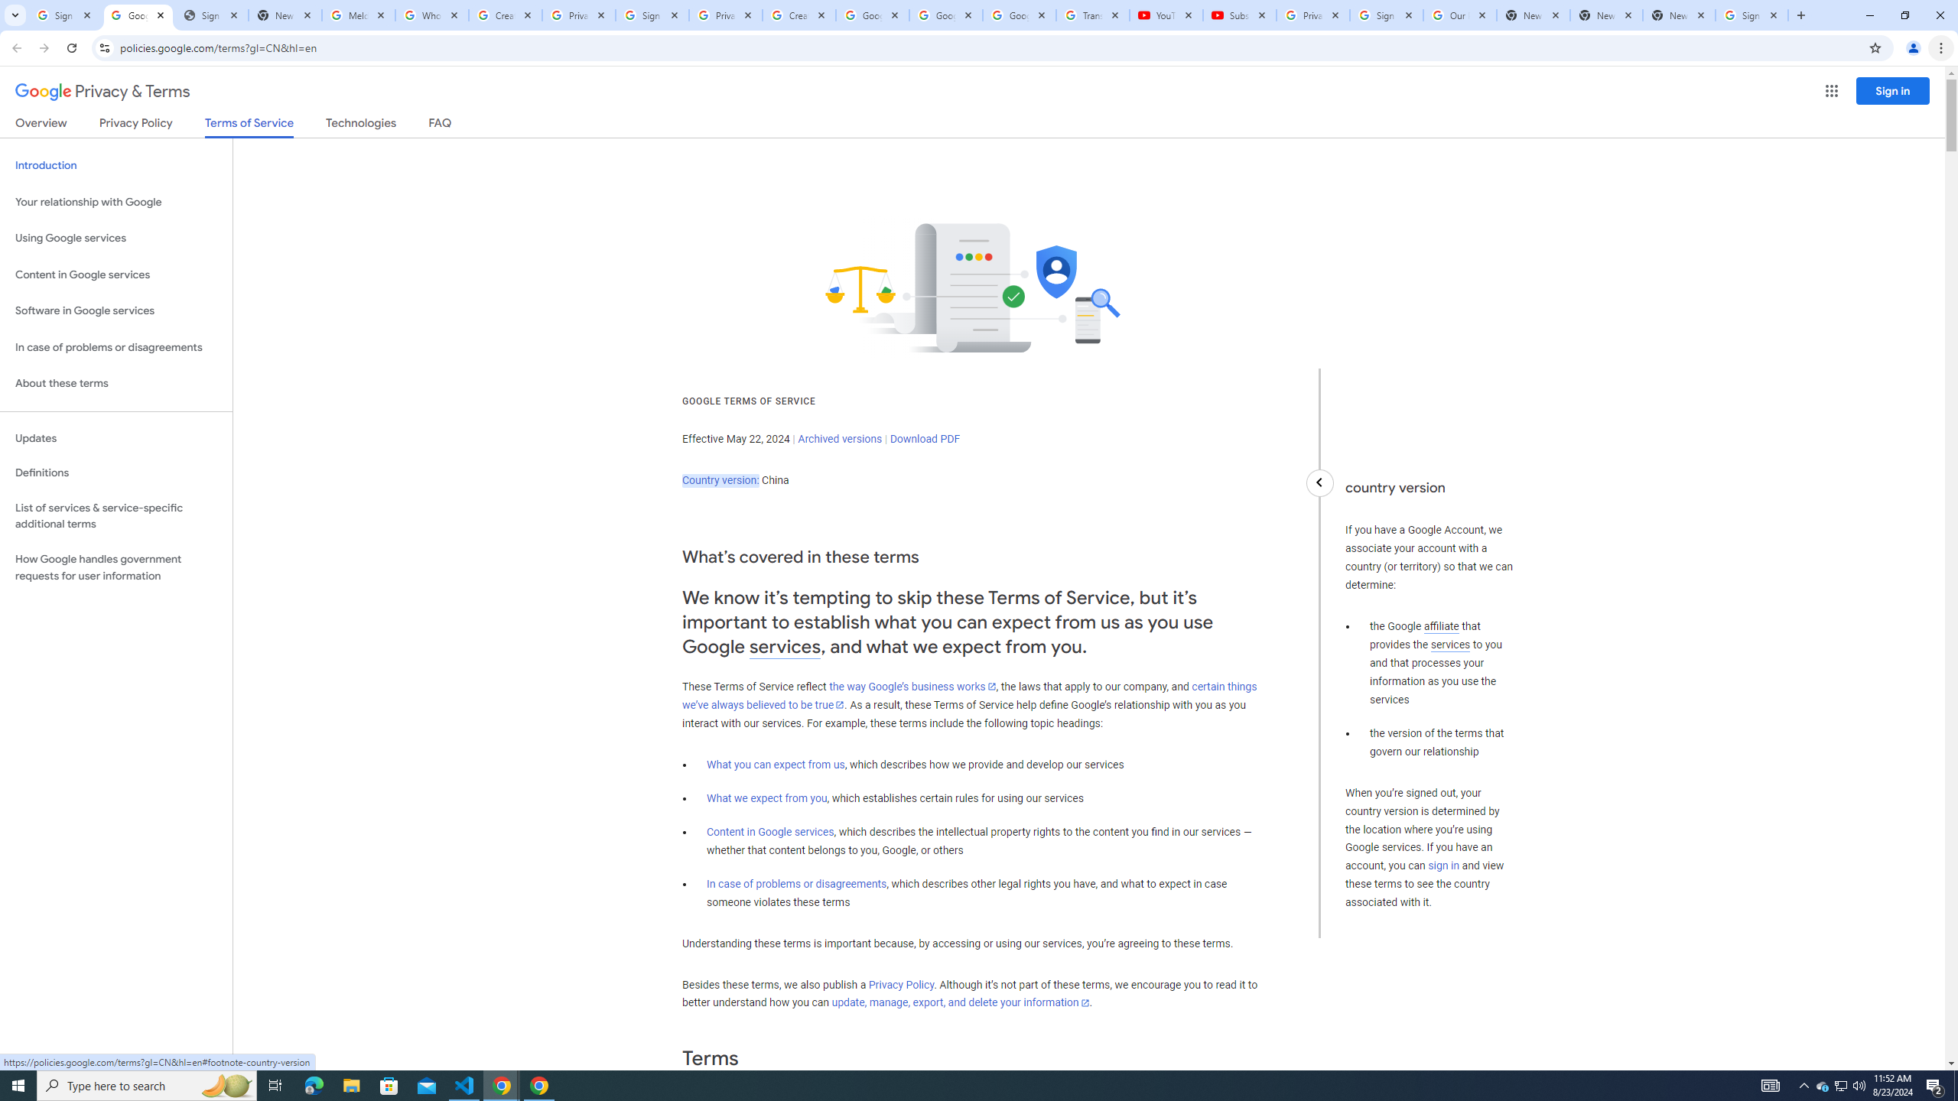 The width and height of the screenshot is (1958, 1101). What do you see at coordinates (1440, 626) in the screenshot?
I see `'affiliate'` at bounding box center [1440, 626].